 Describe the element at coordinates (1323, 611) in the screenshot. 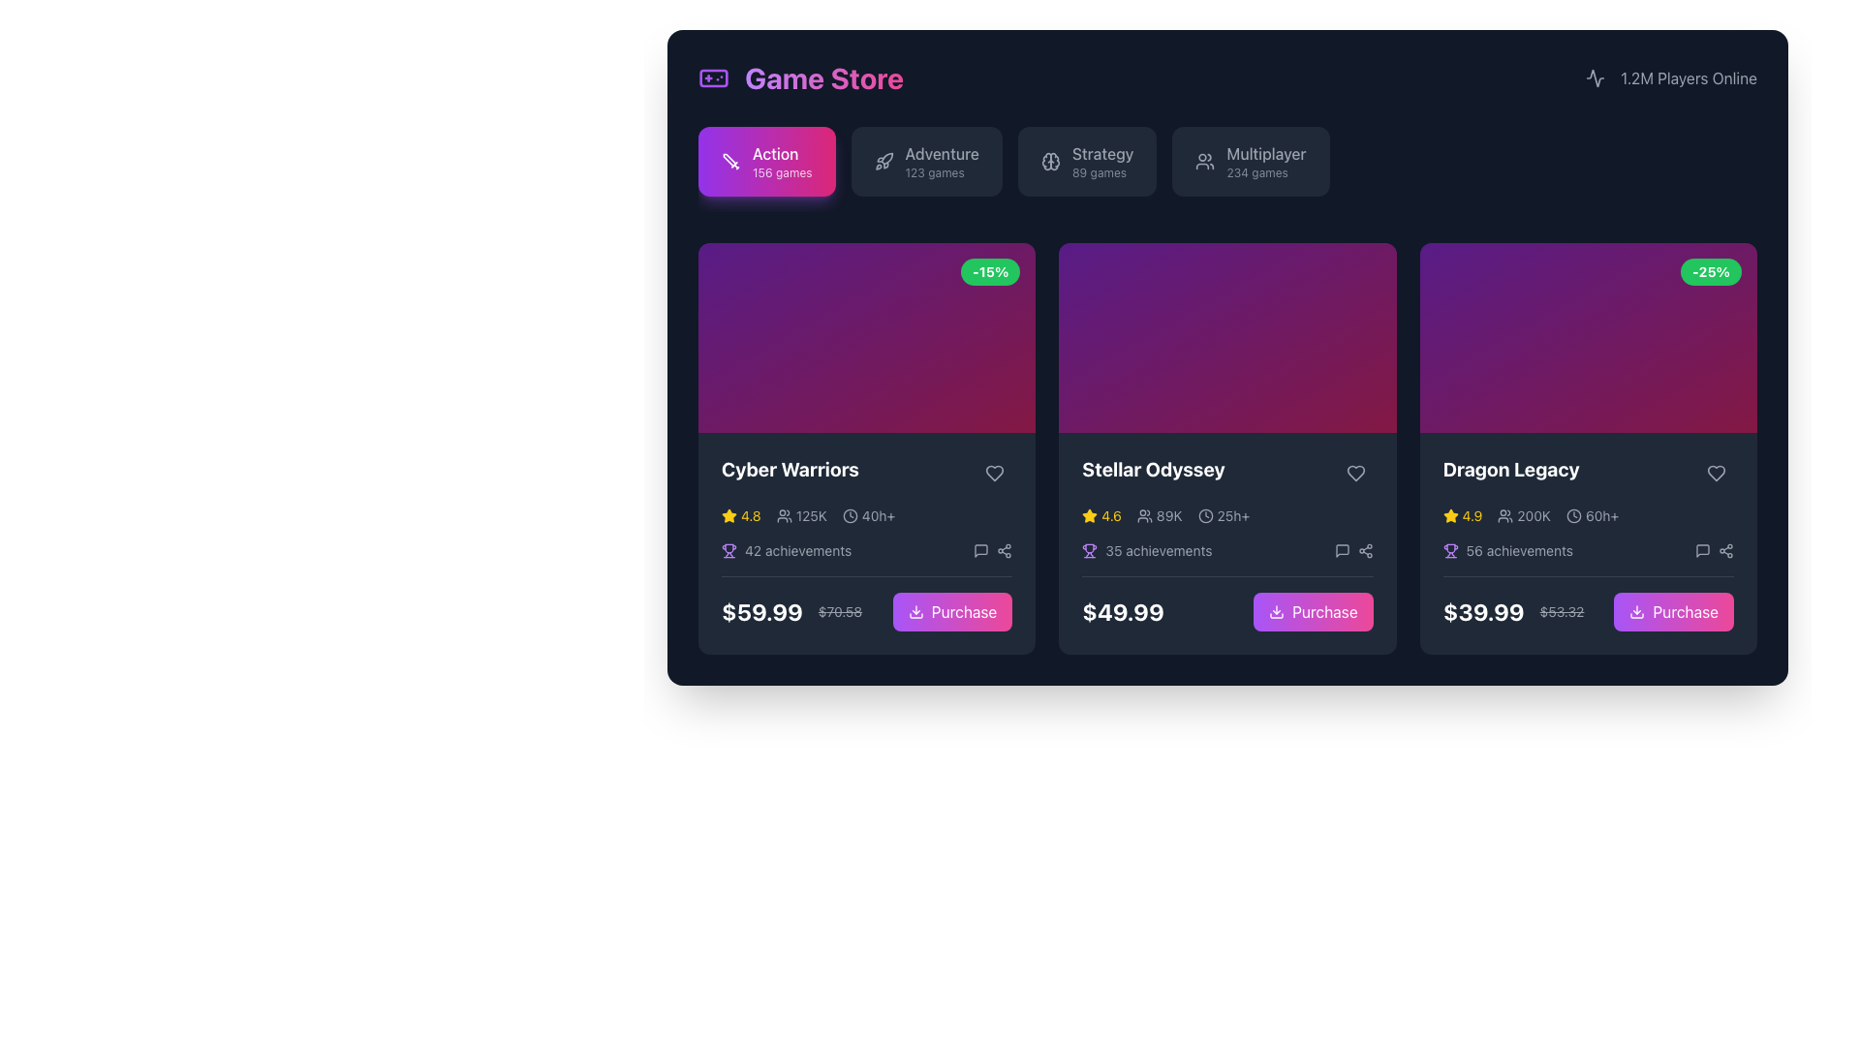

I see `the 'Stellar Odyssey' purchase button located in the footer of the third product card` at that location.